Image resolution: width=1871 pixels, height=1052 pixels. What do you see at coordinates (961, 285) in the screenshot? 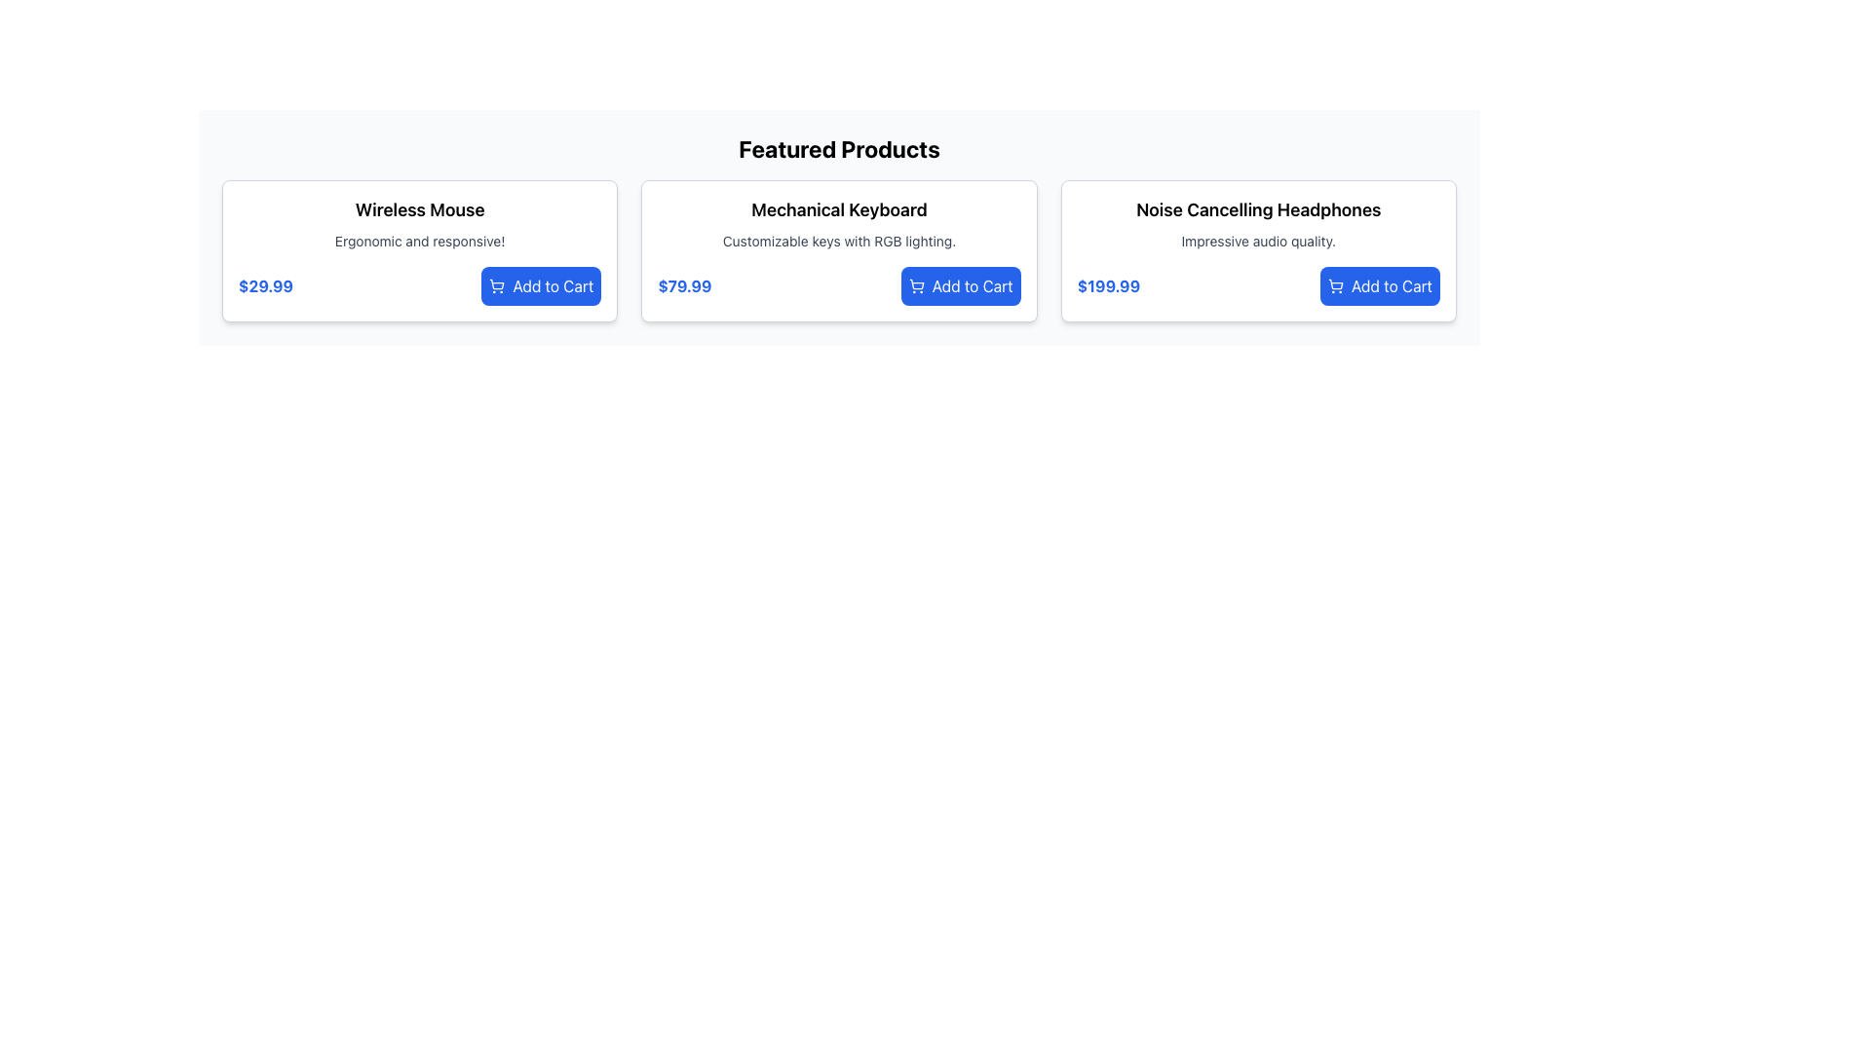
I see `the 'Add to Cart' button with a blue background and rounded corners located in the bottom right corner of the 'Mechanical Keyboard' product card` at bounding box center [961, 285].